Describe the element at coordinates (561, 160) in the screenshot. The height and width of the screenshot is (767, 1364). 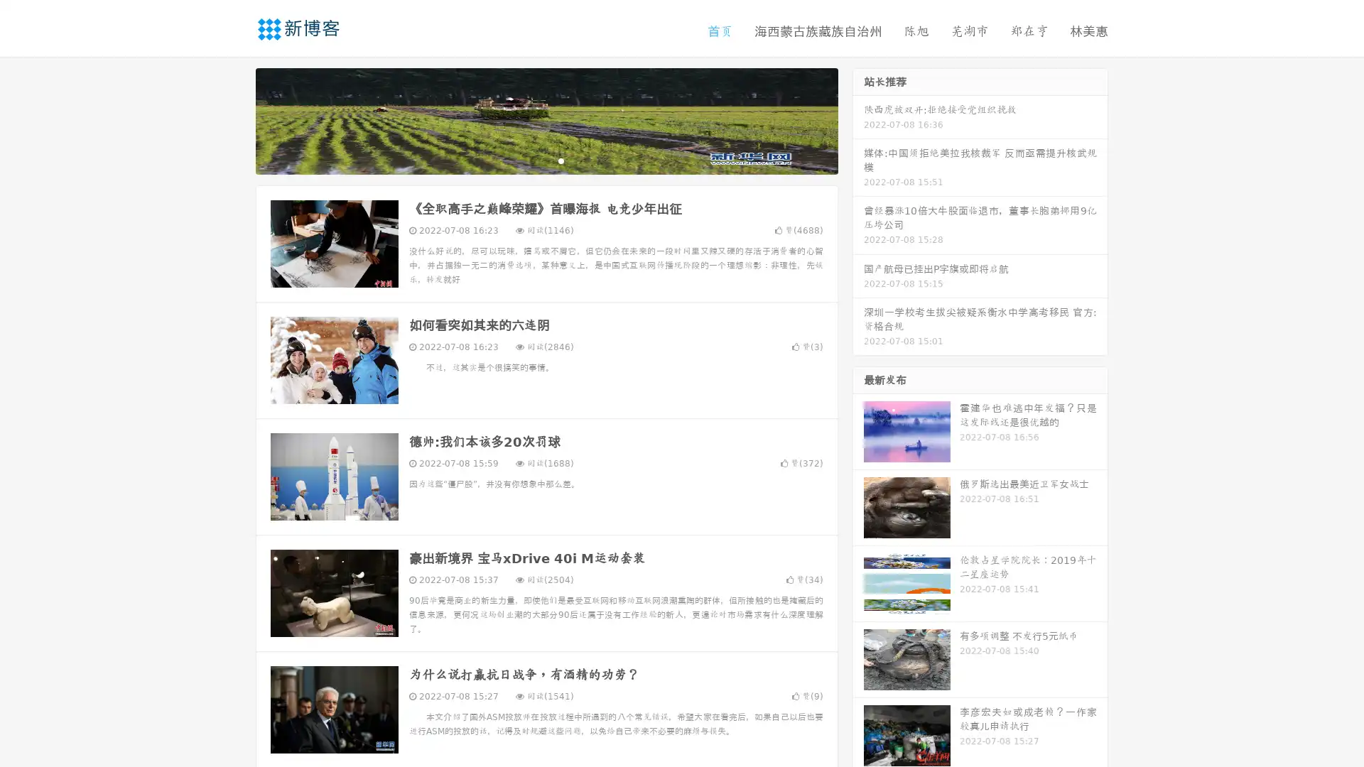
I see `Go to slide 3` at that location.